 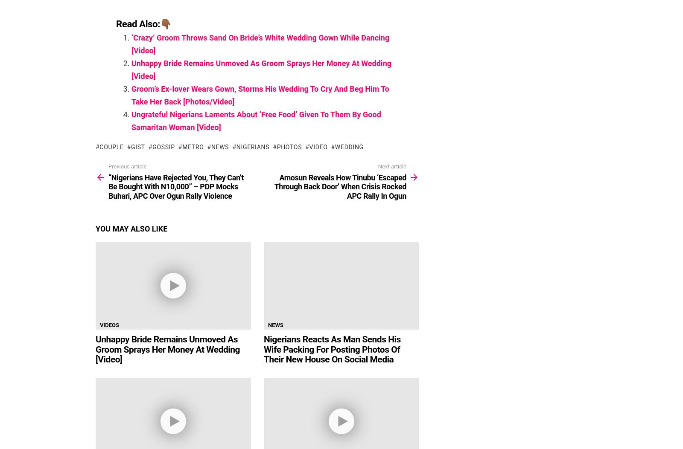 I want to click on '“Nigerians Have Rejected You, They Can’t Be Bought With N10,000” – PDP Mocks Buhari, APC Over Ogun Rally Violence', so click(x=108, y=185).